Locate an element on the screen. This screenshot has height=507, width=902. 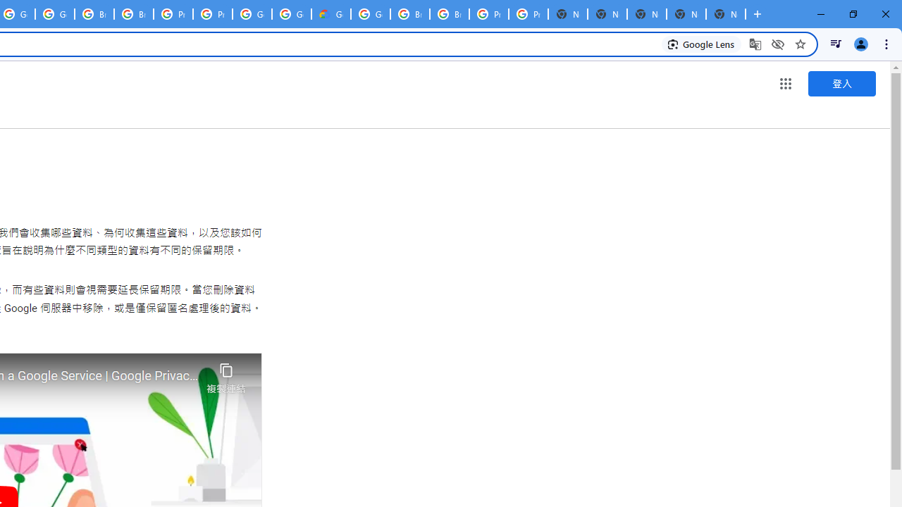
'Chrome' is located at coordinates (887, 43).